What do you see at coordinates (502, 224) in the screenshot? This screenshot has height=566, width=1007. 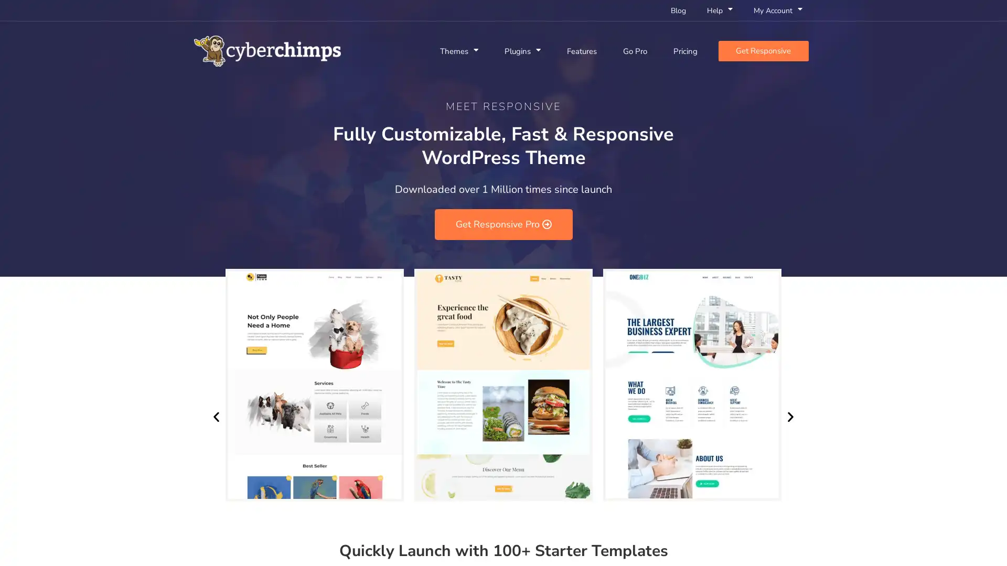 I see `Get Responsive Pro` at bounding box center [502, 224].